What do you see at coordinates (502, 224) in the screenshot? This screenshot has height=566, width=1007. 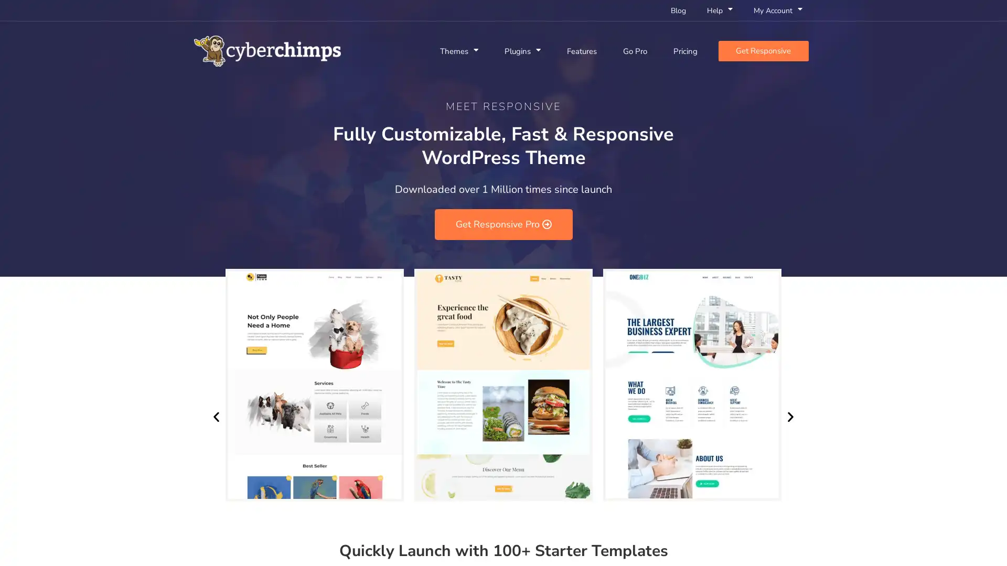 I see `Get Responsive Pro` at bounding box center [502, 224].